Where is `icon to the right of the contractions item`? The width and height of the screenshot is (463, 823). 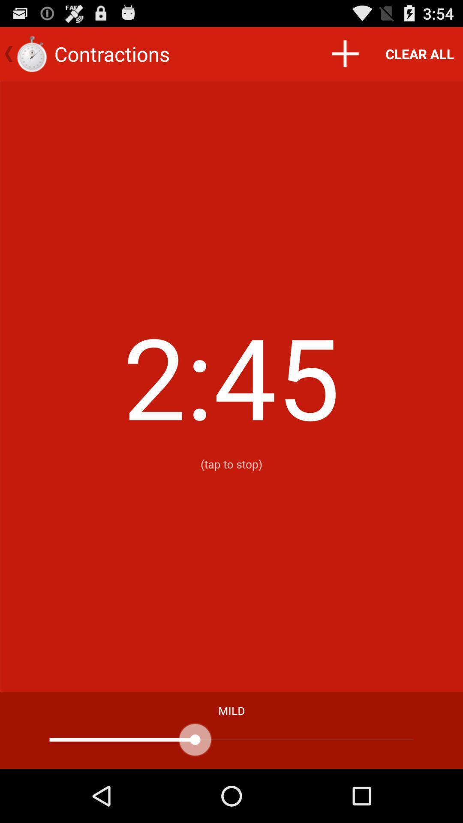 icon to the right of the contractions item is located at coordinates (344, 53).